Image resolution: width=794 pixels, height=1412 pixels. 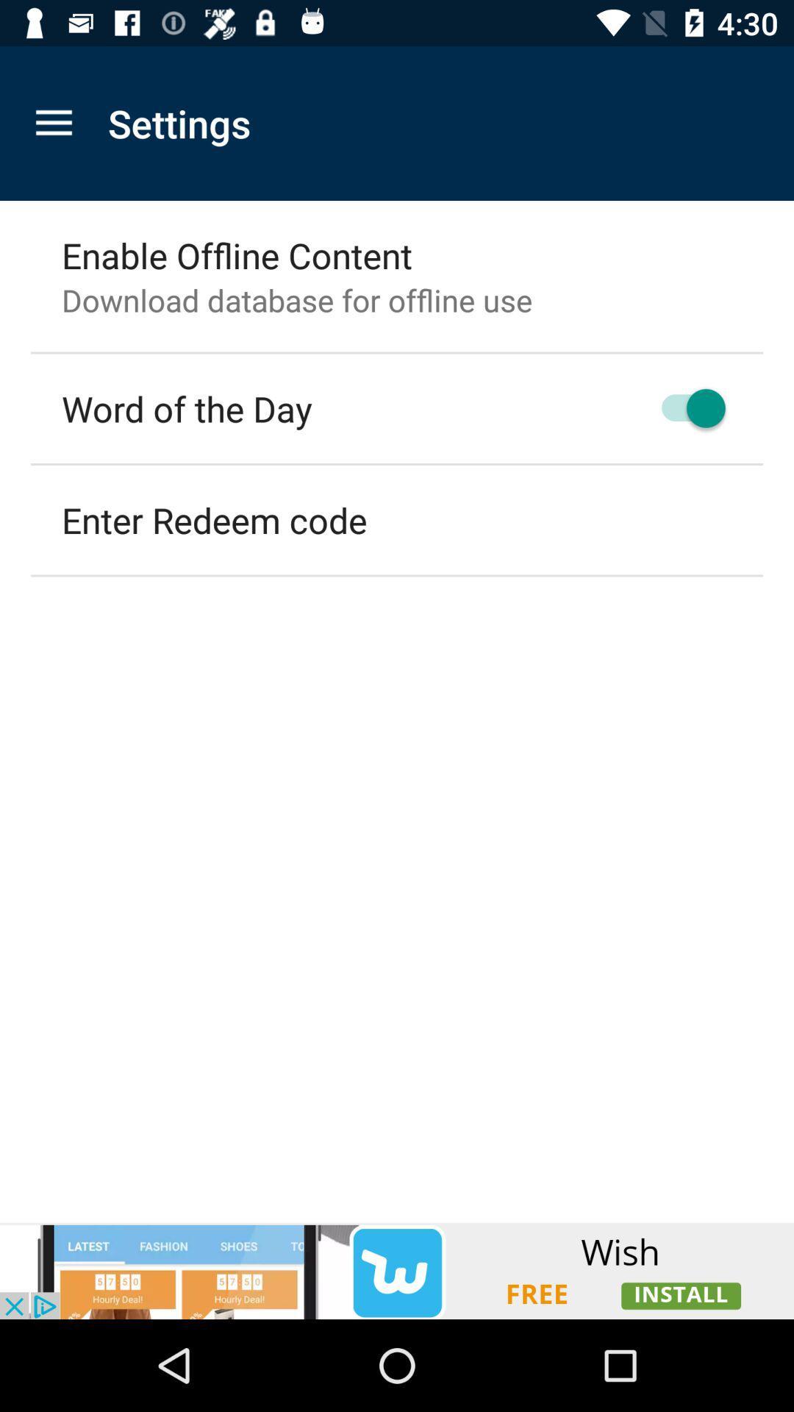 What do you see at coordinates (397, 1270) in the screenshot?
I see `advertisement display` at bounding box center [397, 1270].